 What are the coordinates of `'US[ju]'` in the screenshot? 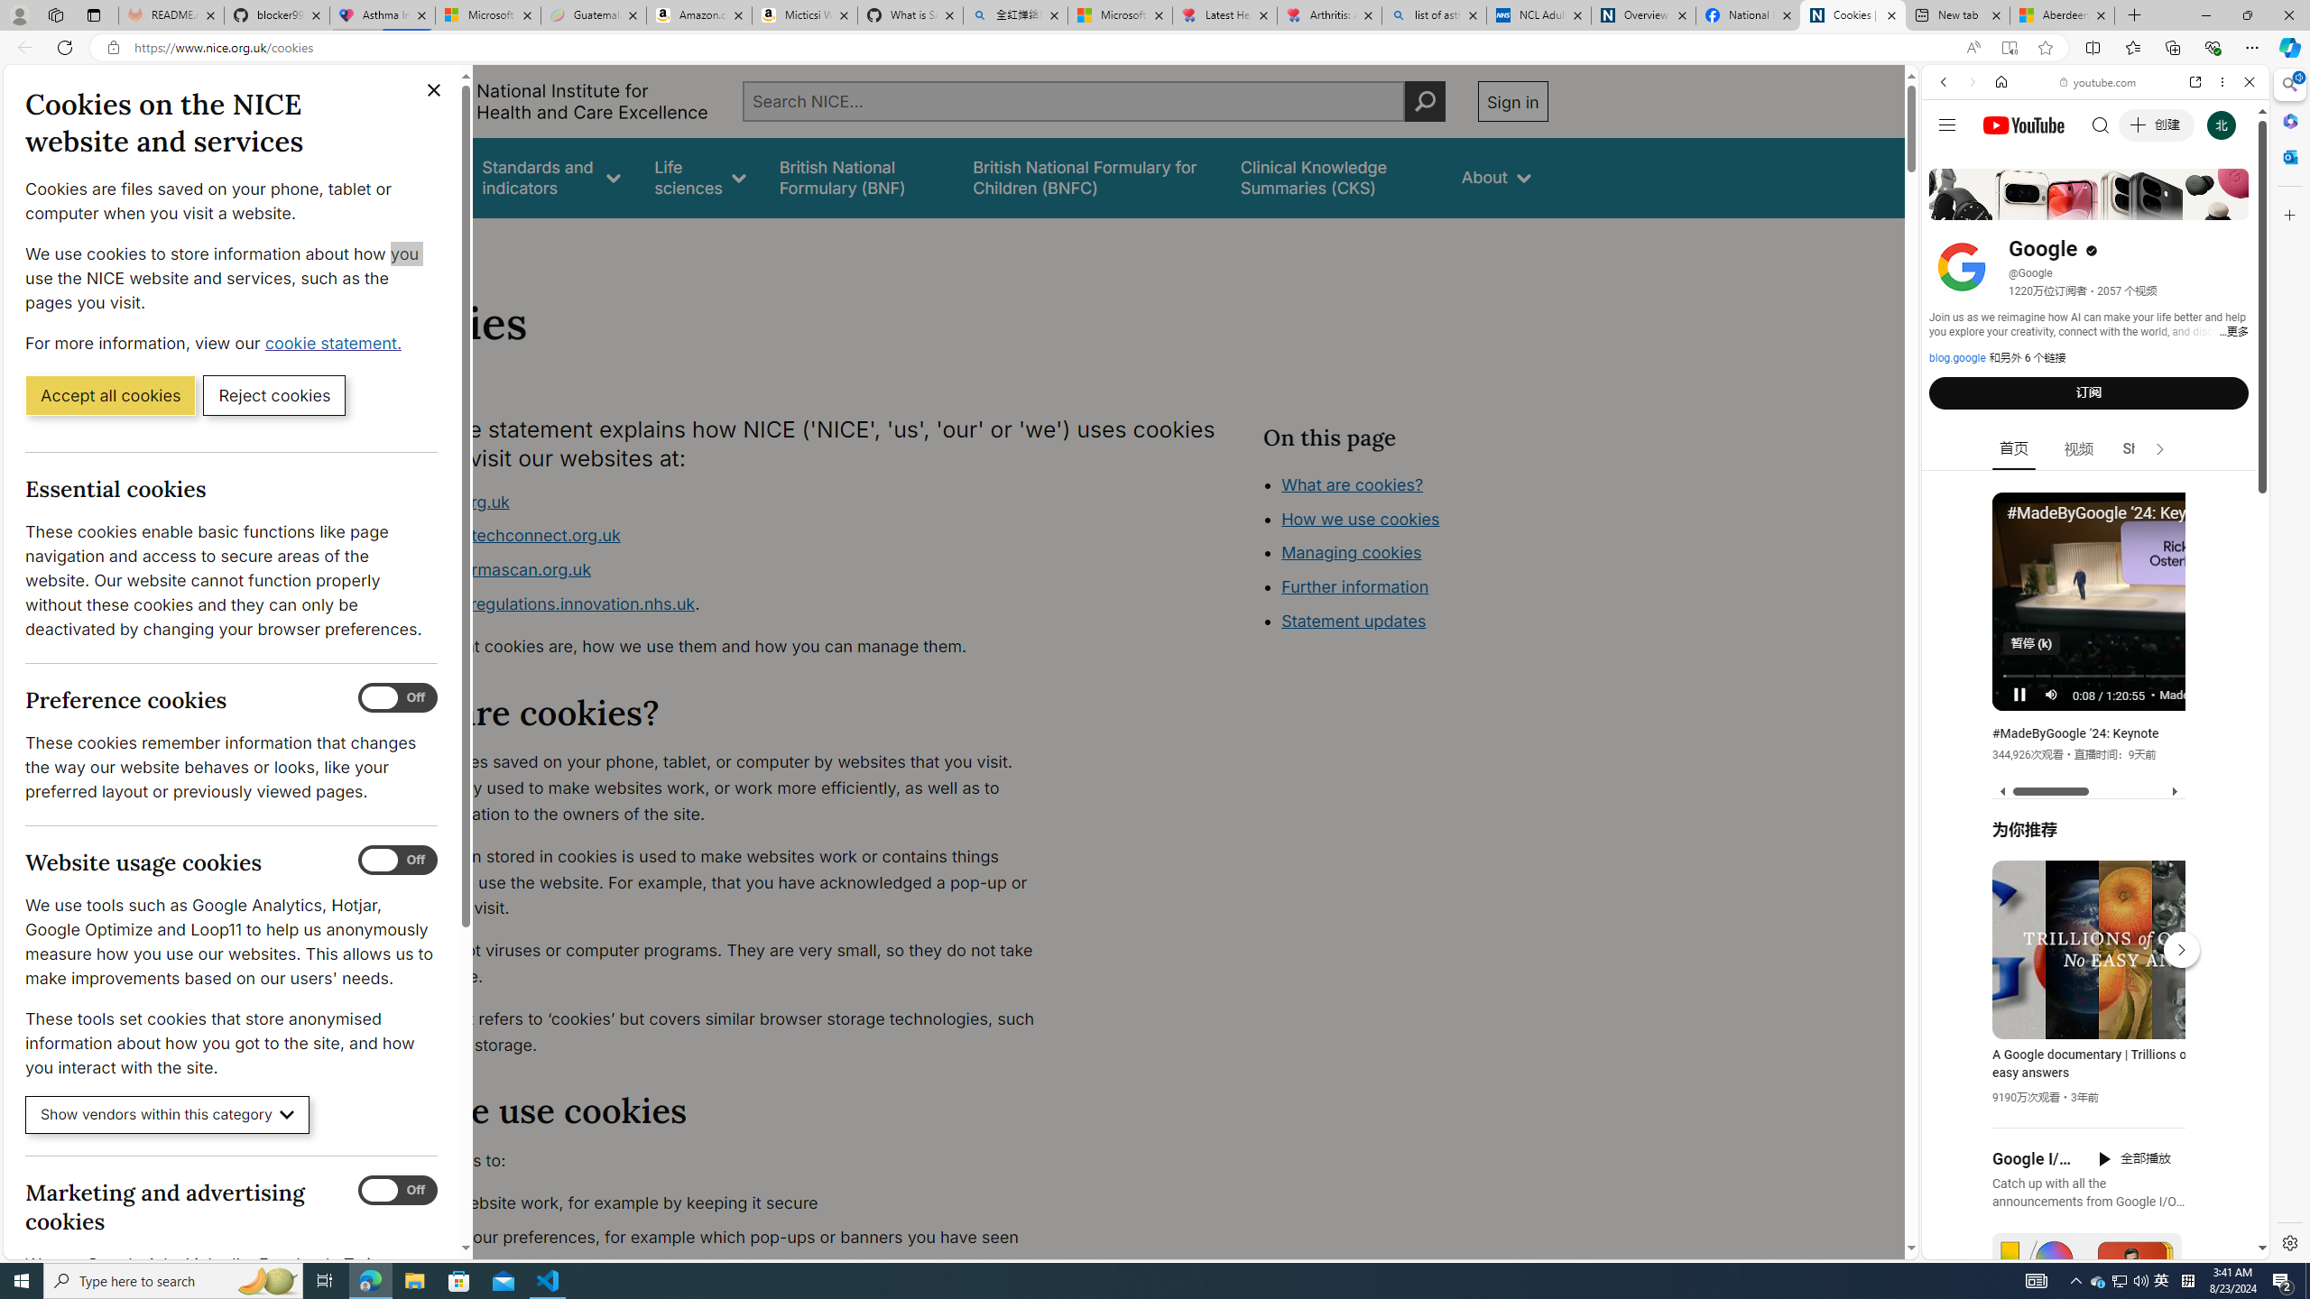 It's located at (1982, 1244).